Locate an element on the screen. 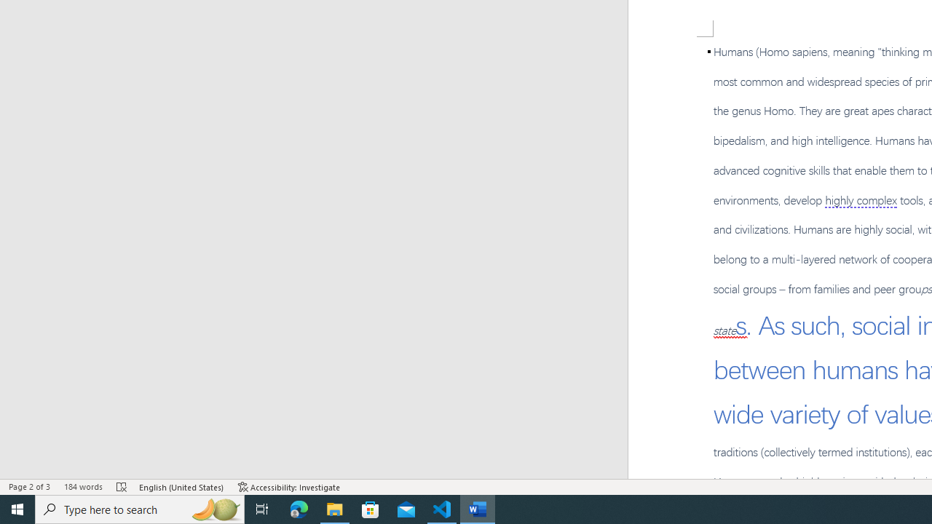 The height and width of the screenshot is (524, 932). 'Microsoft Edge' is located at coordinates (299, 508).